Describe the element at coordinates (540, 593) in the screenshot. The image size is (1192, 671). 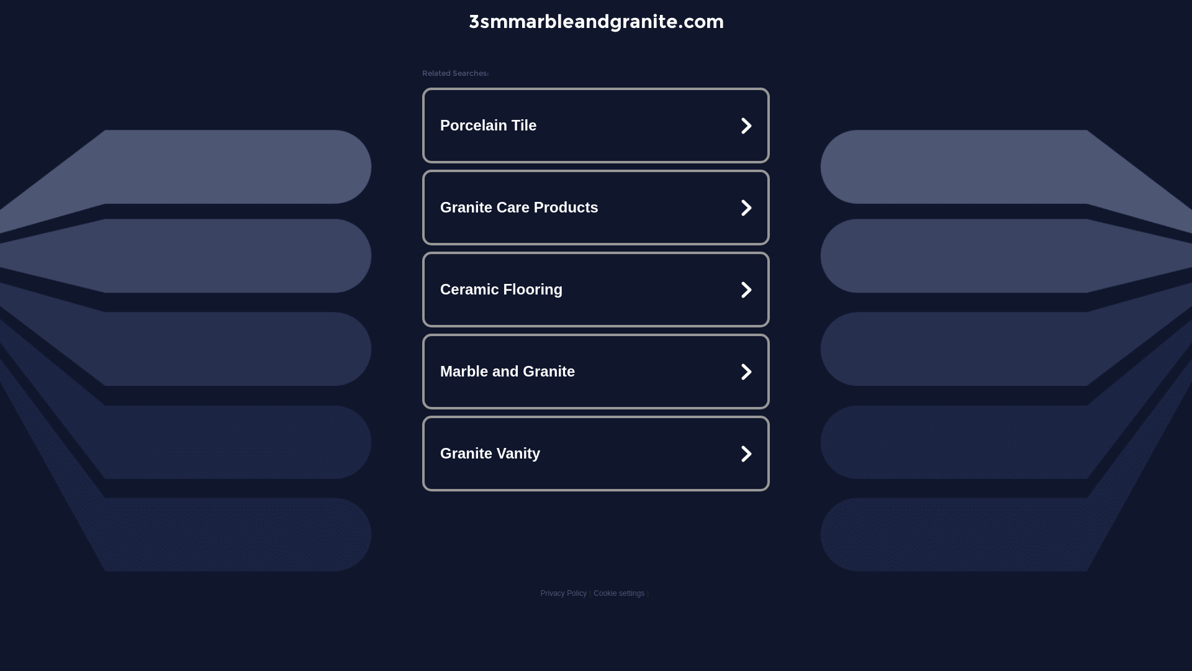
I see `'Privacy Policy'` at that location.